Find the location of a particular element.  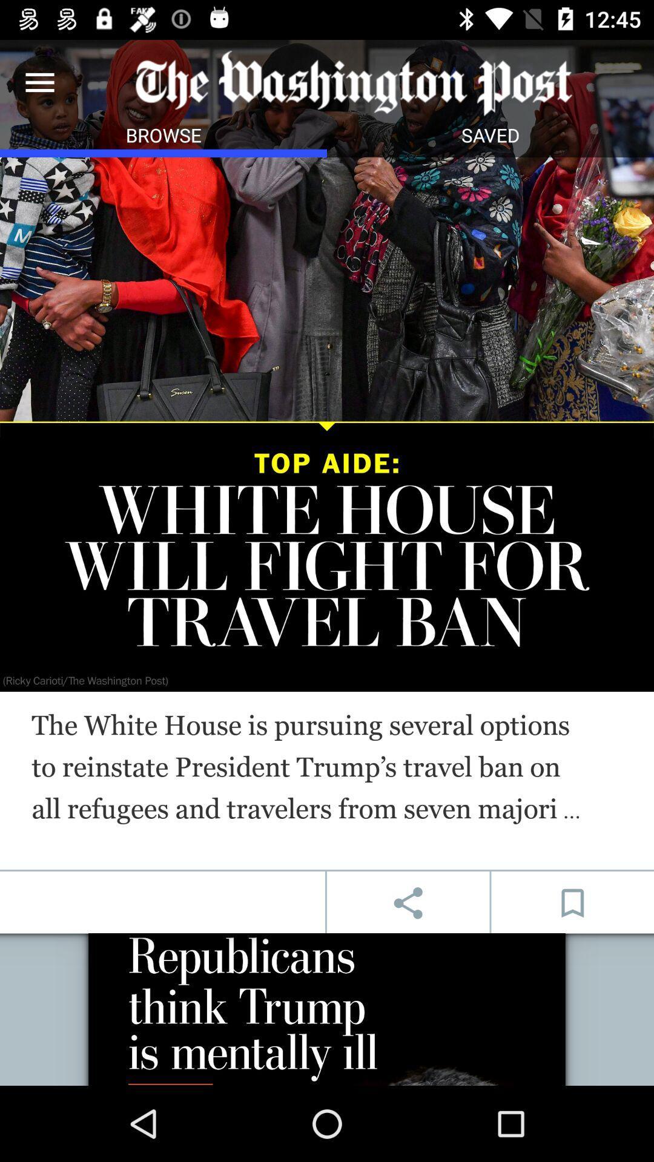

the share icon is located at coordinates (408, 903).